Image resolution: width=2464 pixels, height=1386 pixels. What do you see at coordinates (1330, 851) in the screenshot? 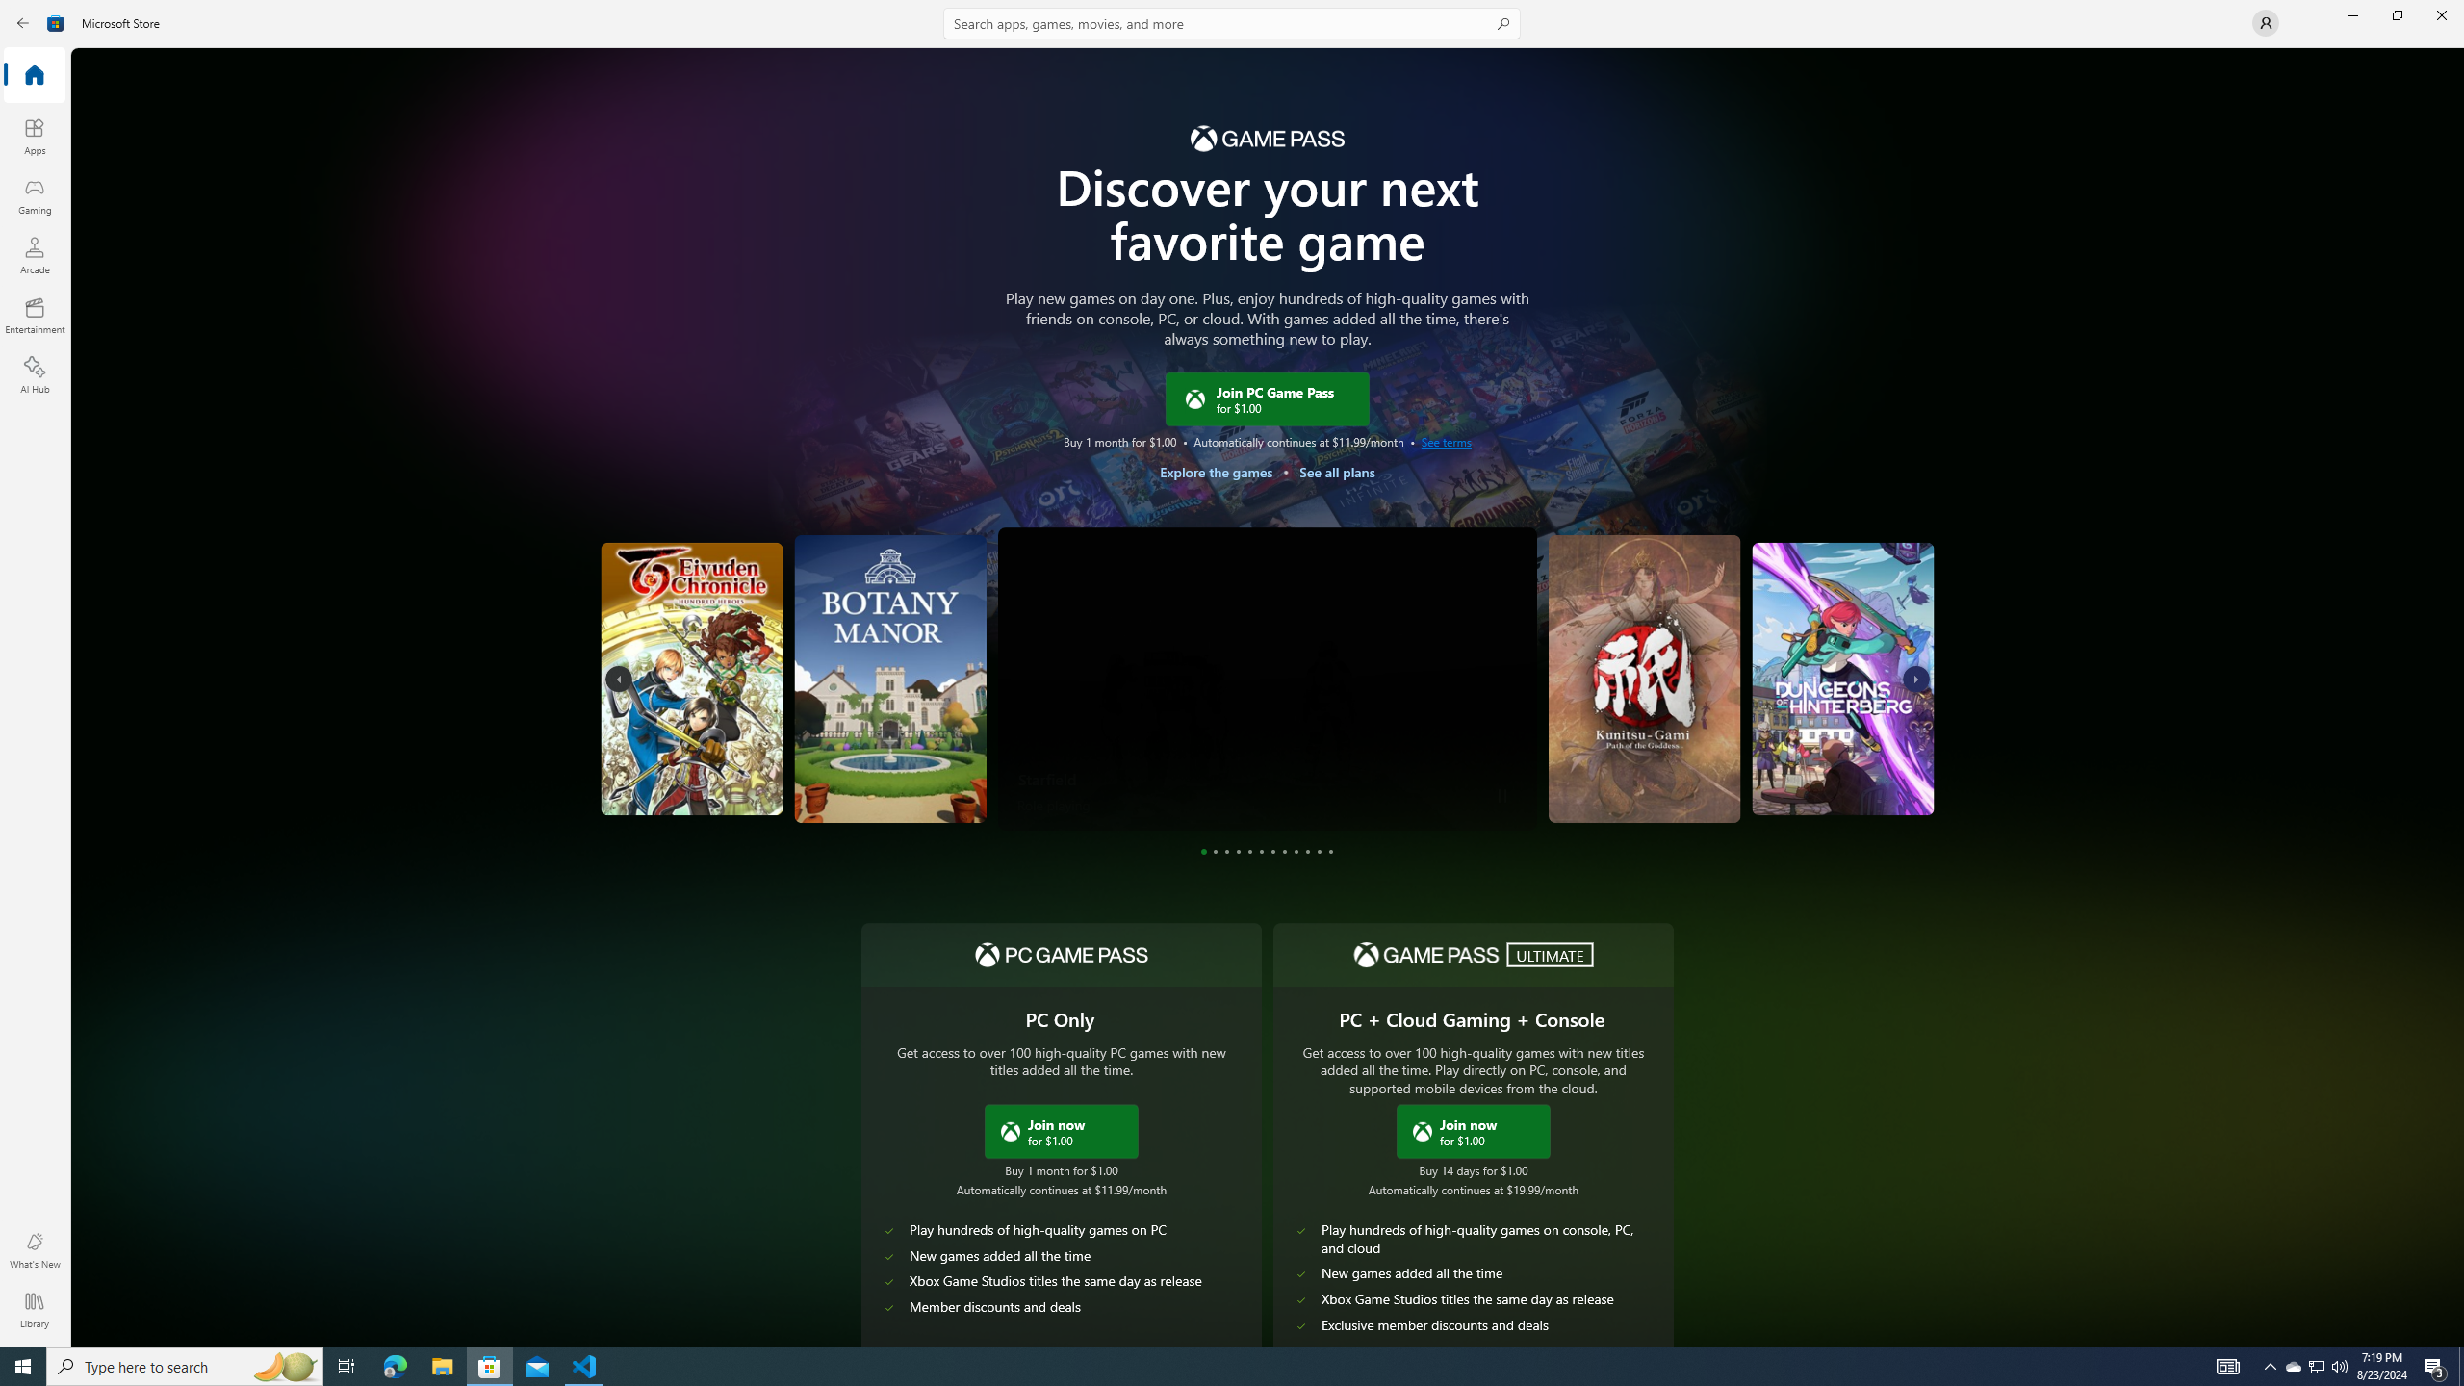
I see `'Page 12'` at bounding box center [1330, 851].